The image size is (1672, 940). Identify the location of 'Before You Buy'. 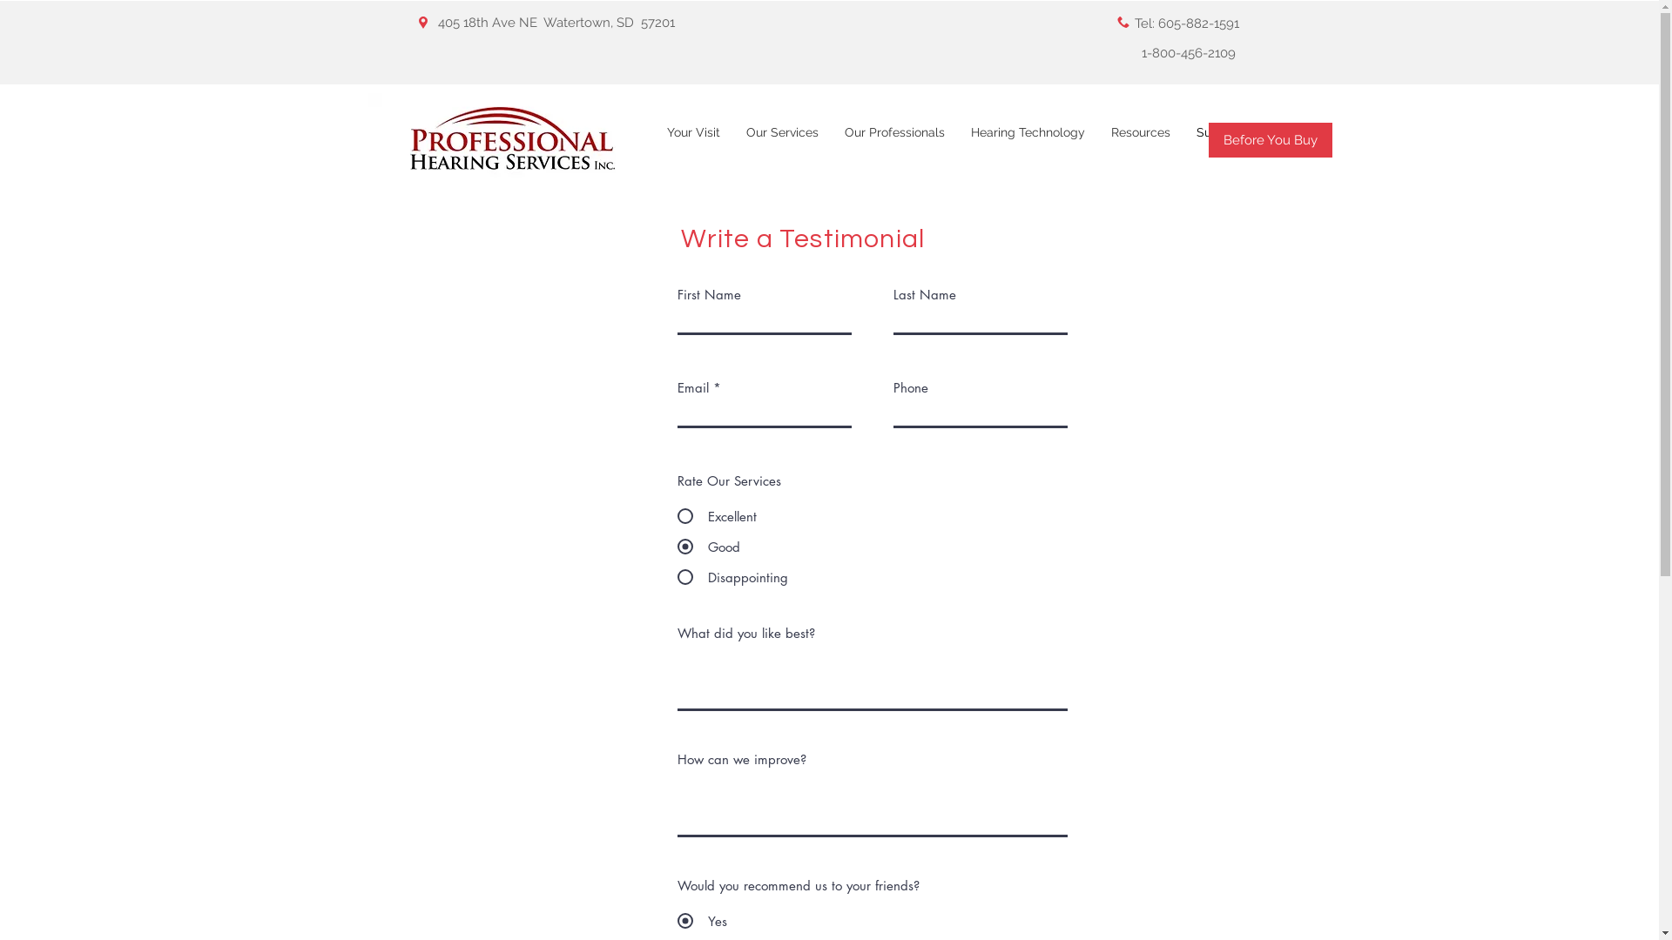
(1271, 139).